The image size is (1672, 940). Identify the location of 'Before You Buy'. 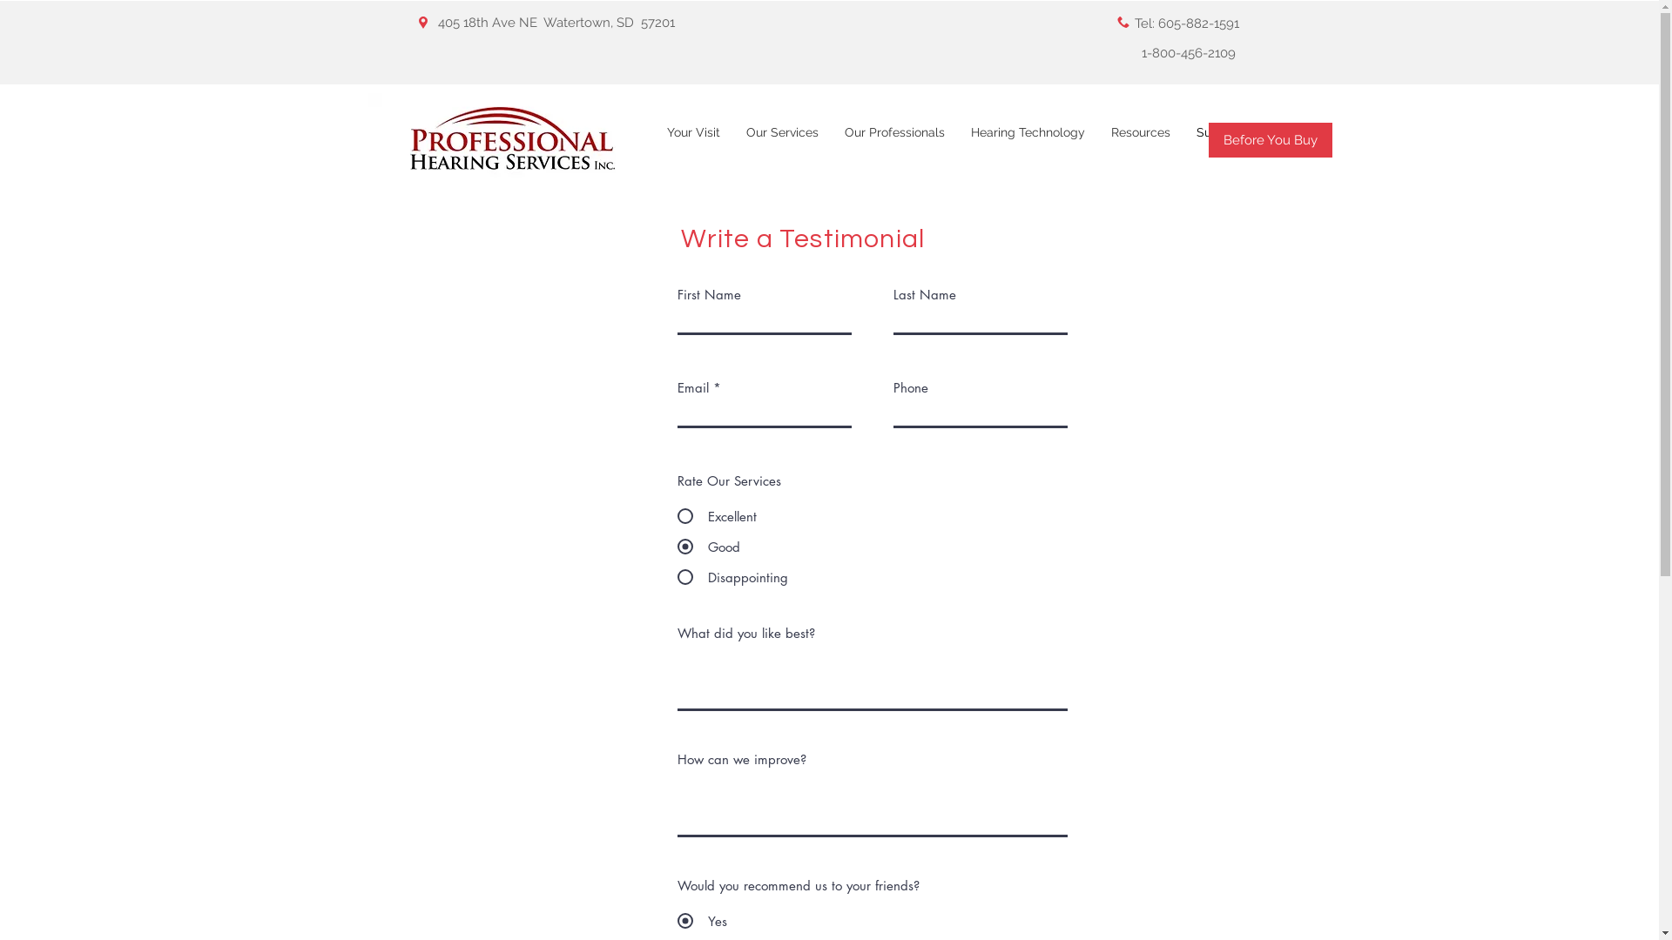
(1271, 139).